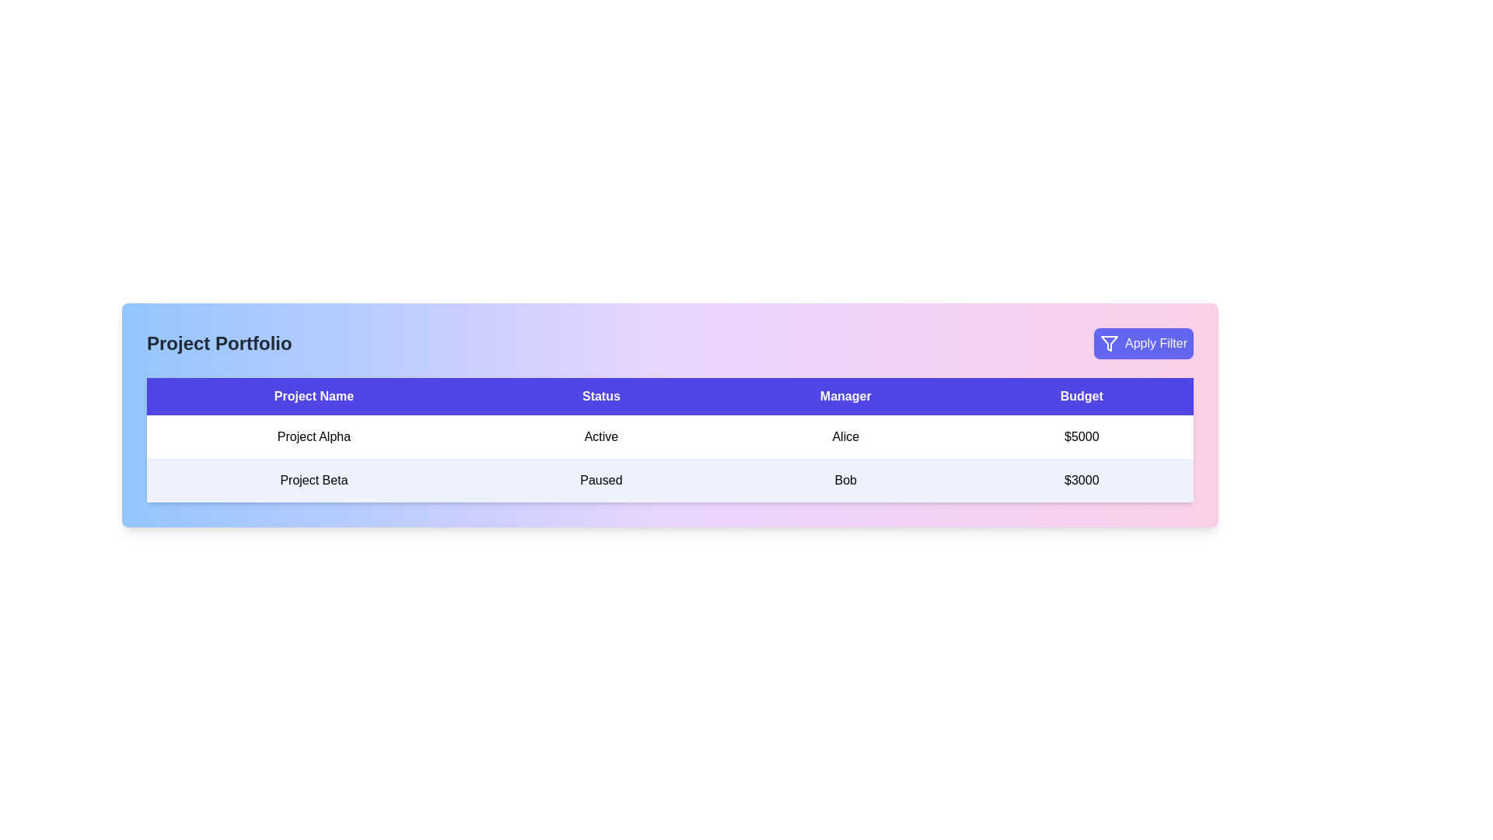 This screenshot has height=840, width=1493. Describe the element at coordinates (219, 343) in the screenshot. I see `text from the heading label that identifies the section for managing or viewing a portfolio of projects, located to the left of the 'Apply Filter' button` at that location.